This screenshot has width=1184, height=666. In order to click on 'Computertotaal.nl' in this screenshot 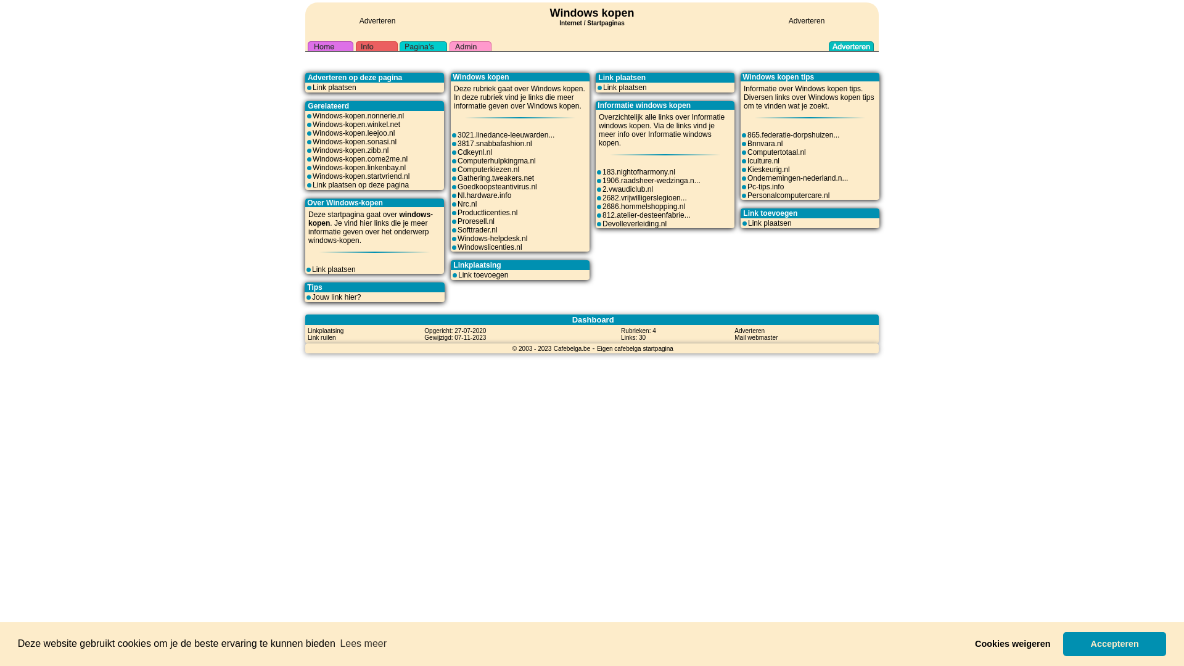, I will do `click(776, 151)`.